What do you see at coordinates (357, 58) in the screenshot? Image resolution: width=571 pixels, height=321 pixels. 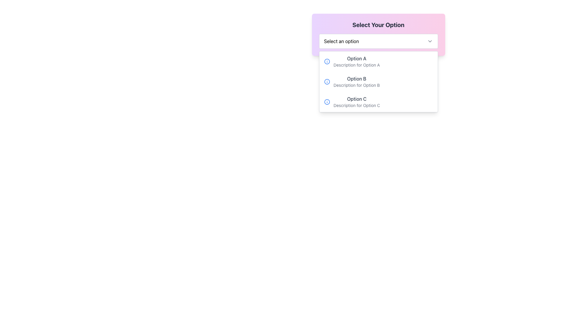 I see `the text label 'Option A' which serves as the title of an option within a dropdown-like list` at bounding box center [357, 58].